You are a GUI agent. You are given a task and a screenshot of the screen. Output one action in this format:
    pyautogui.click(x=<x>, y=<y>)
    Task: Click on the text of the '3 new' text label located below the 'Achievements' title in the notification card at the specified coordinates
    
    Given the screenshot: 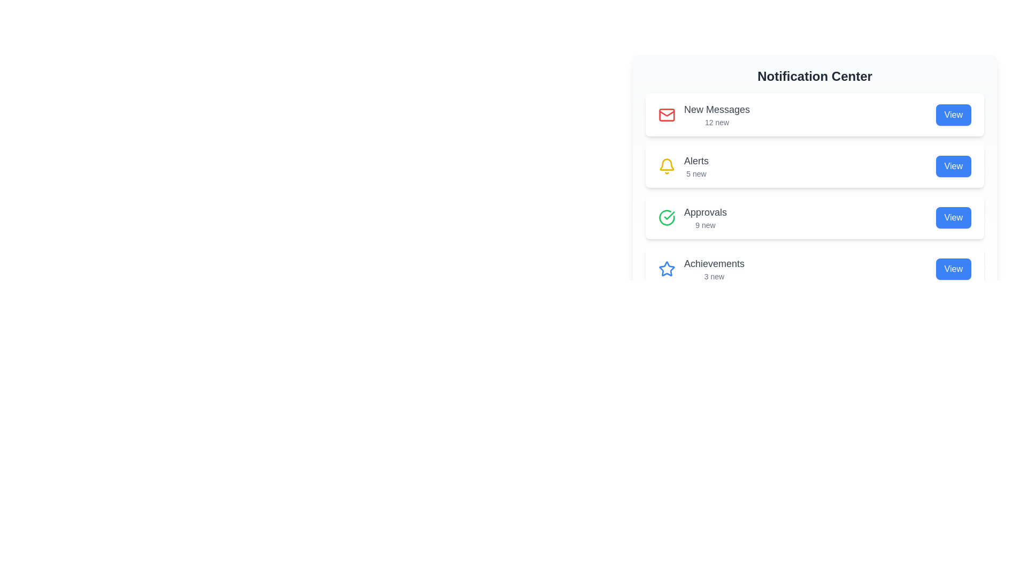 What is the action you would take?
    pyautogui.click(x=714, y=276)
    